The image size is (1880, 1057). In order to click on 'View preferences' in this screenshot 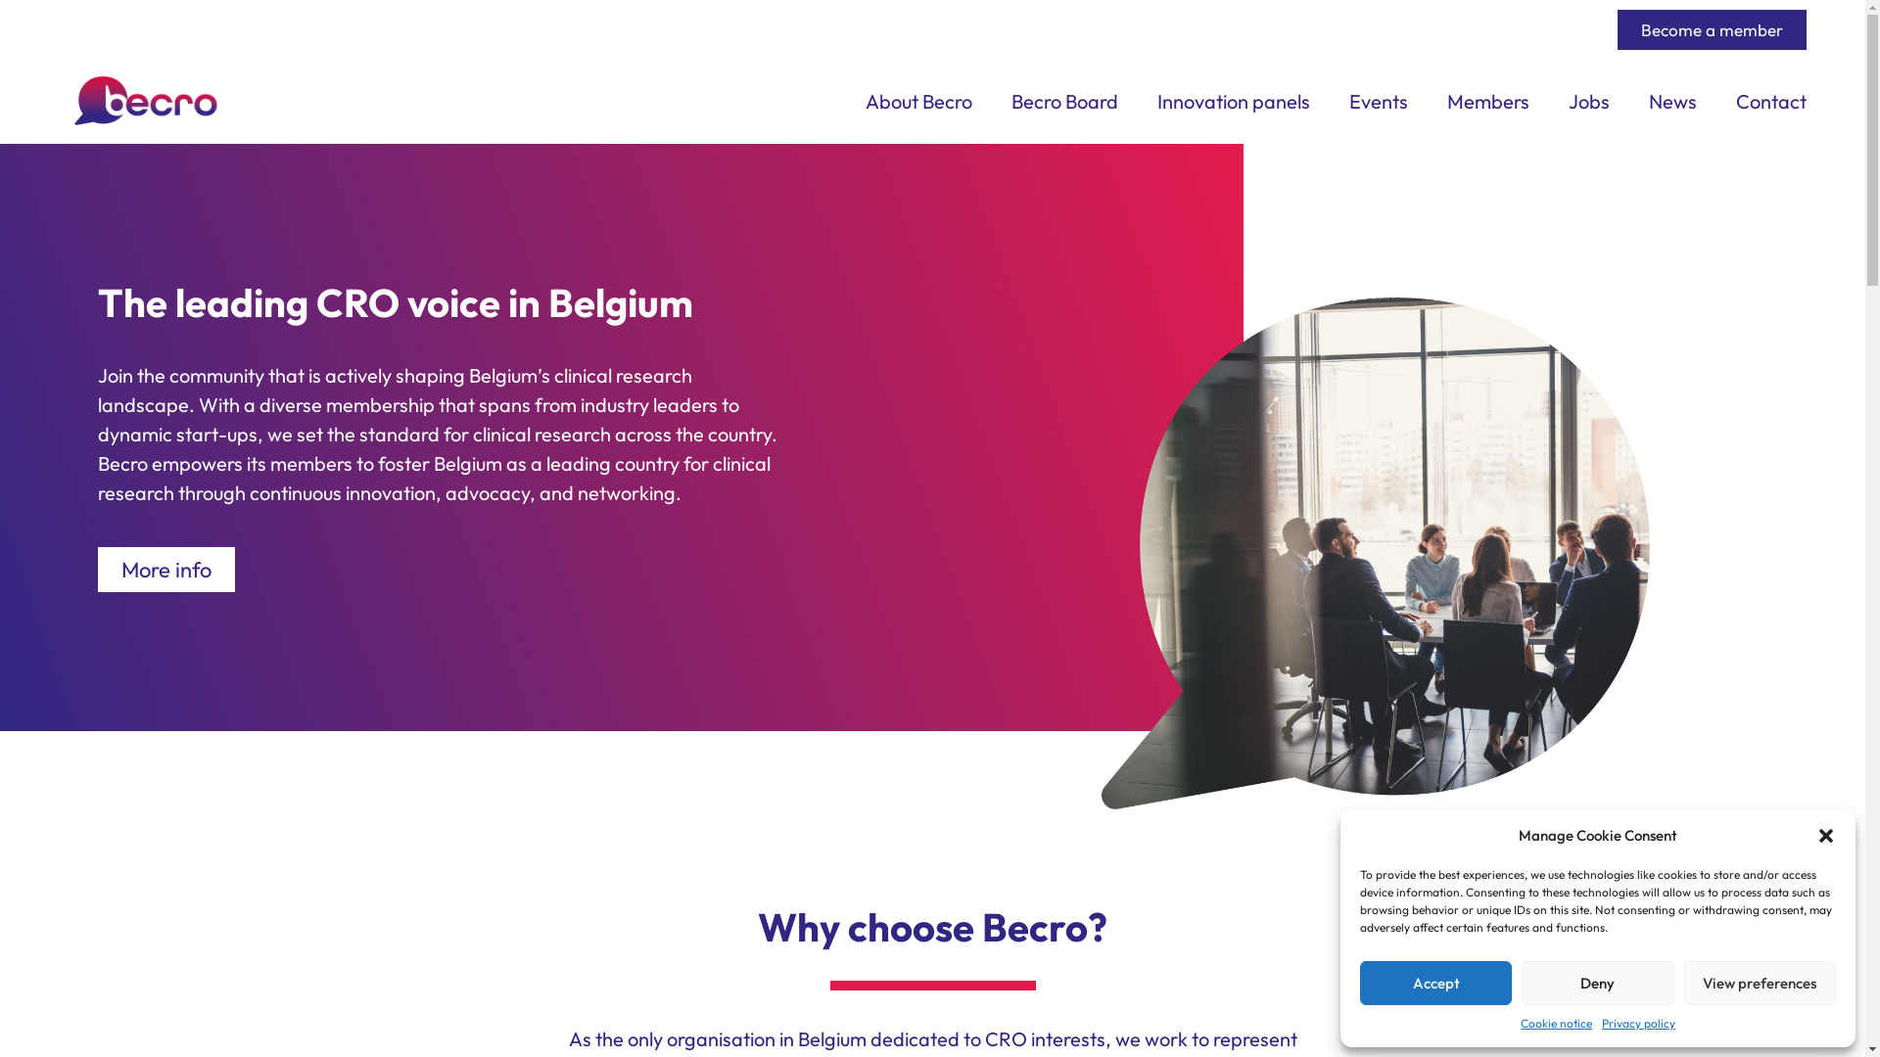, I will do `click(1760, 983)`.